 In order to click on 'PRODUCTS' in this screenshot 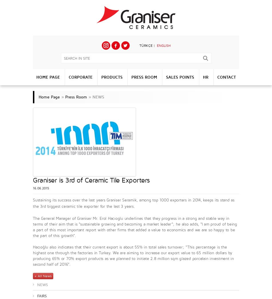, I will do `click(111, 77)`.